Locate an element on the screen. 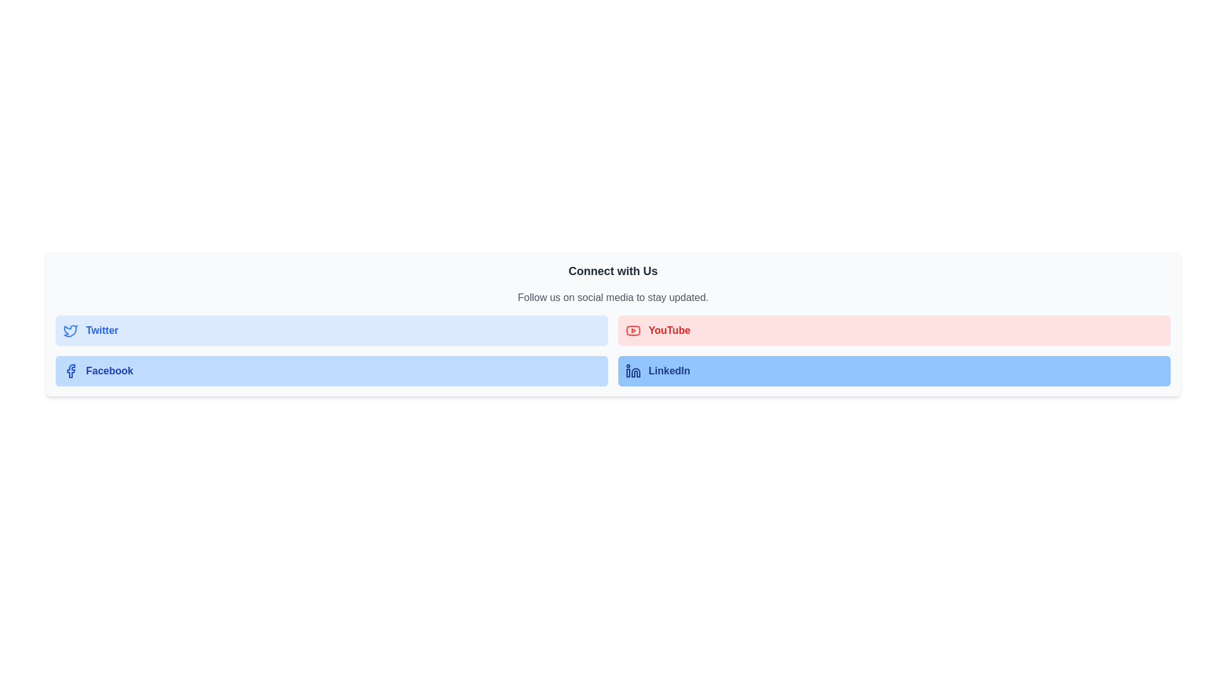  the Twitter navigation button located in the top-left quadrant of the interface is located at coordinates (332, 330).